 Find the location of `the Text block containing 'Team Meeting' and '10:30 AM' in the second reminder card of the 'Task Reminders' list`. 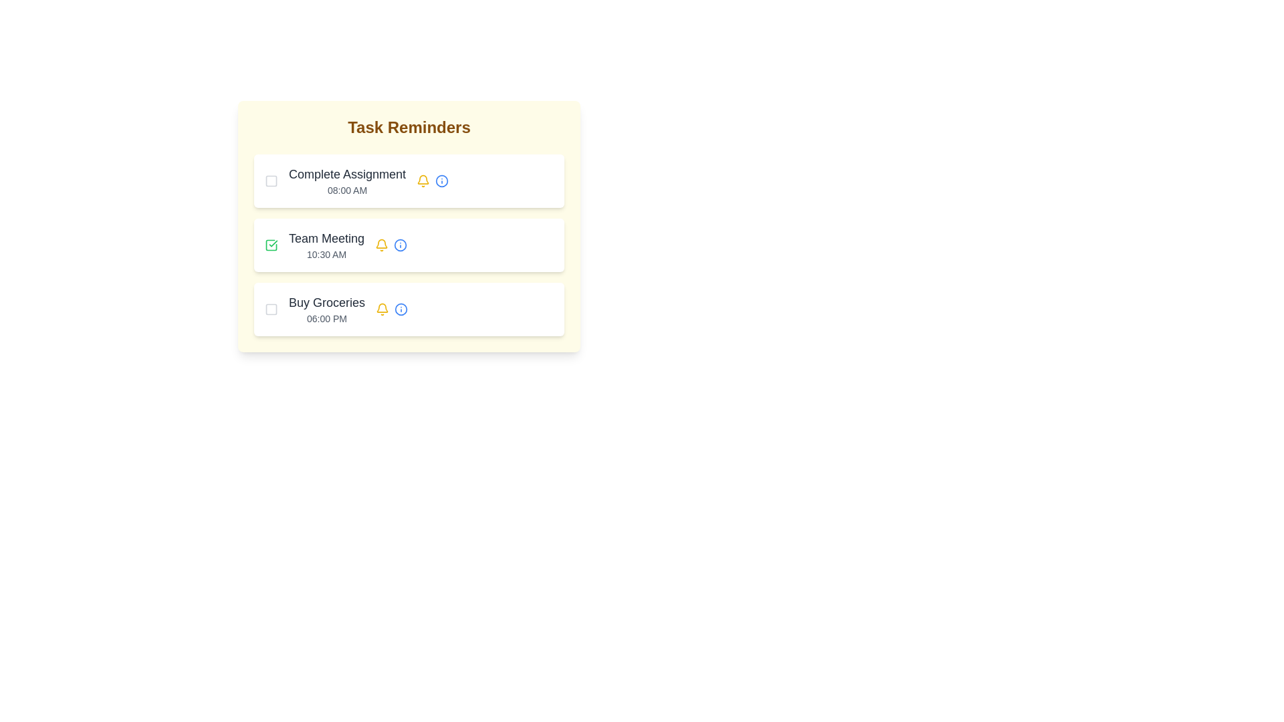

the Text block containing 'Team Meeting' and '10:30 AM' in the second reminder card of the 'Task Reminders' list is located at coordinates (326, 245).